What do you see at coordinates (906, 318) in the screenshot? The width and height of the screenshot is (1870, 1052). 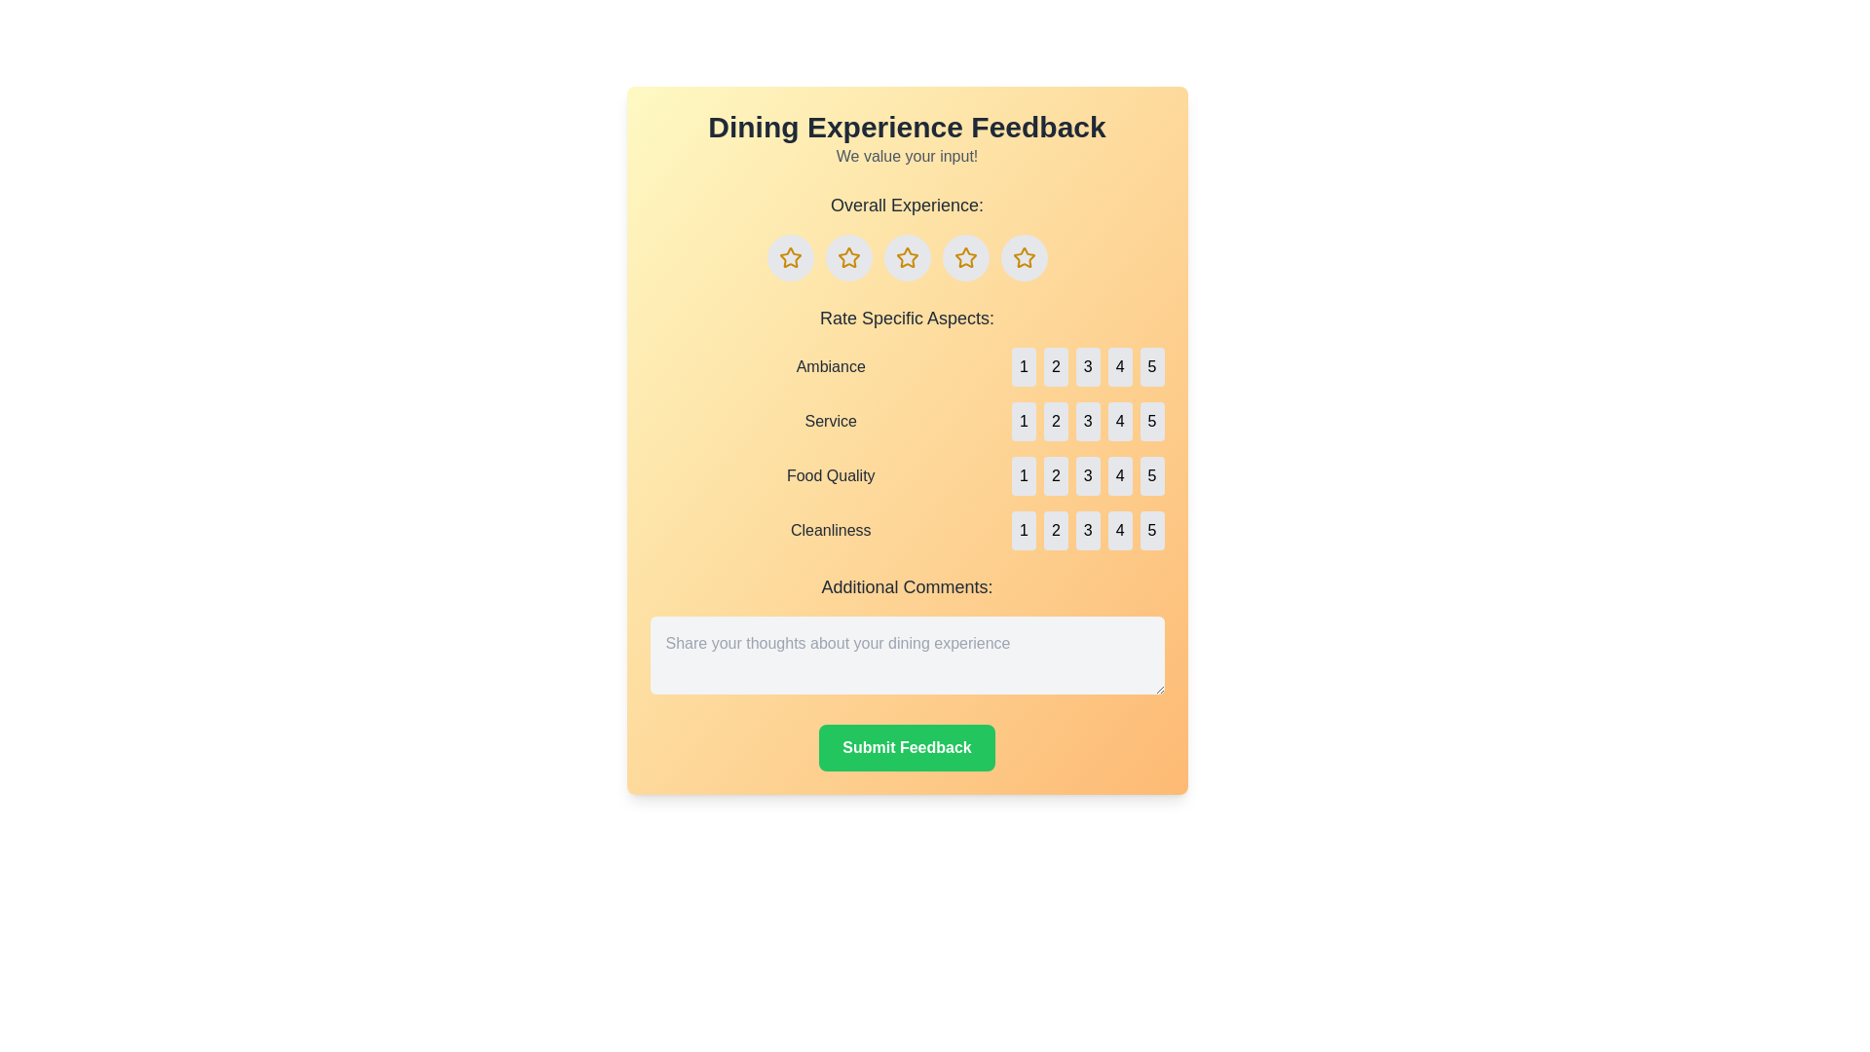 I see `the static text heading that serves as a section title for aspect rating options, positioned below the 'Overall Experience' section` at bounding box center [906, 318].